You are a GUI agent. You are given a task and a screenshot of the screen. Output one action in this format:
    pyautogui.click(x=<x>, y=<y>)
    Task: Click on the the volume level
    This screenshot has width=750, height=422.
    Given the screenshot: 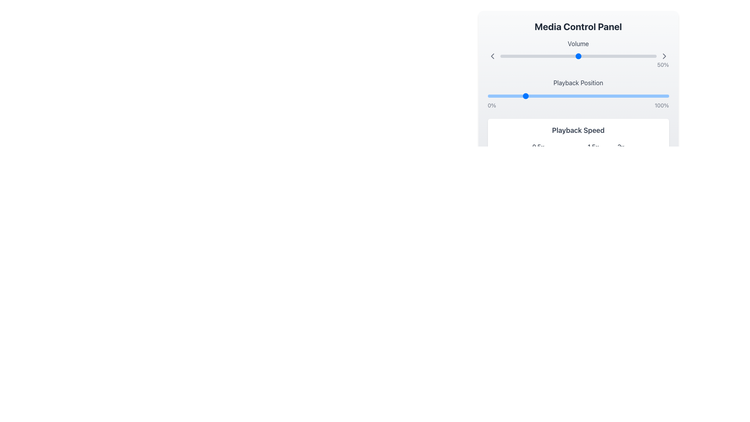 What is the action you would take?
    pyautogui.click(x=647, y=55)
    